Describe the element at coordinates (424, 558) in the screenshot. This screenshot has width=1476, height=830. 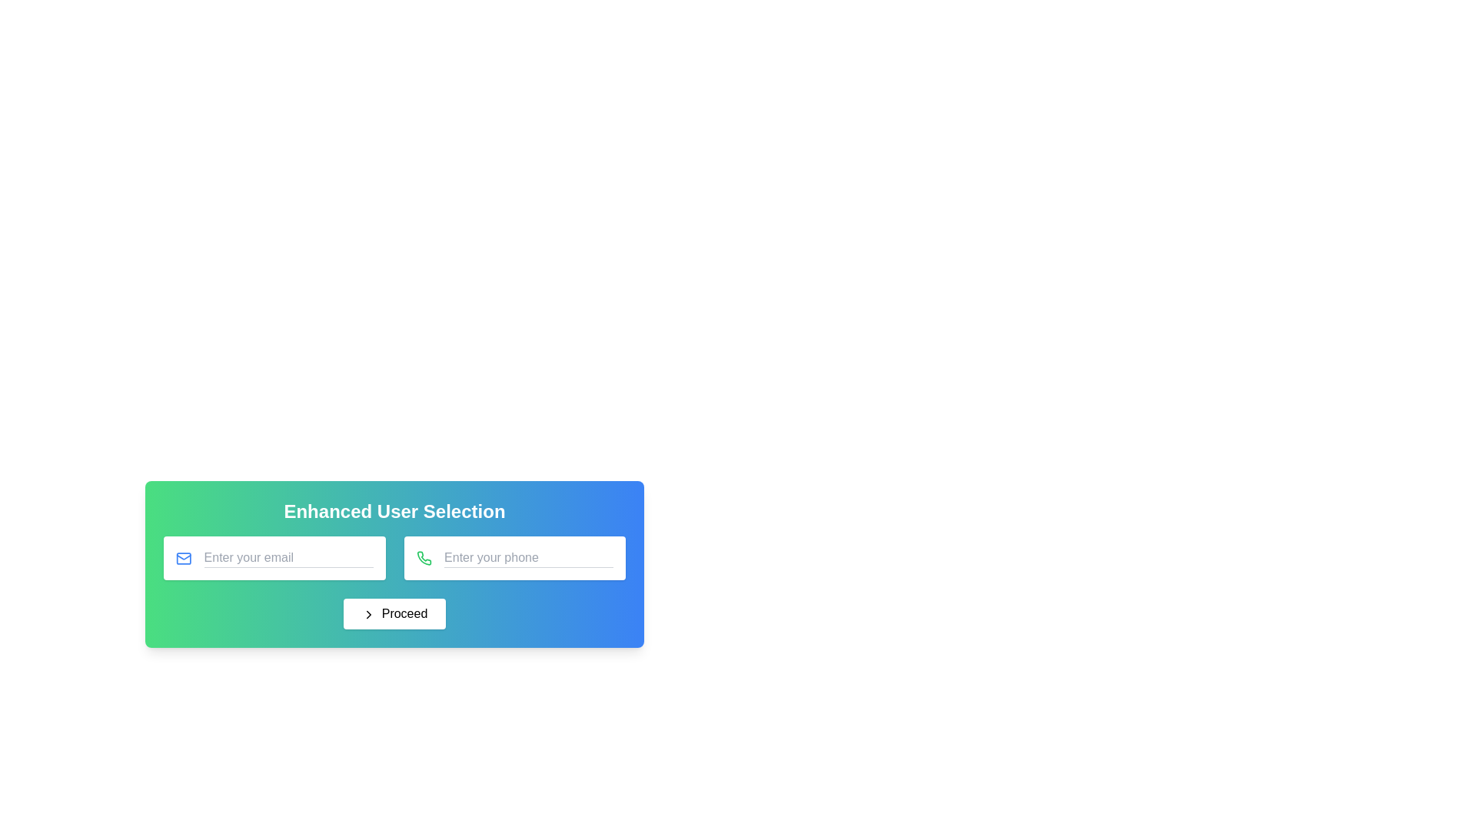
I see `the icon in the top-right corner of the phone number input field` at that location.